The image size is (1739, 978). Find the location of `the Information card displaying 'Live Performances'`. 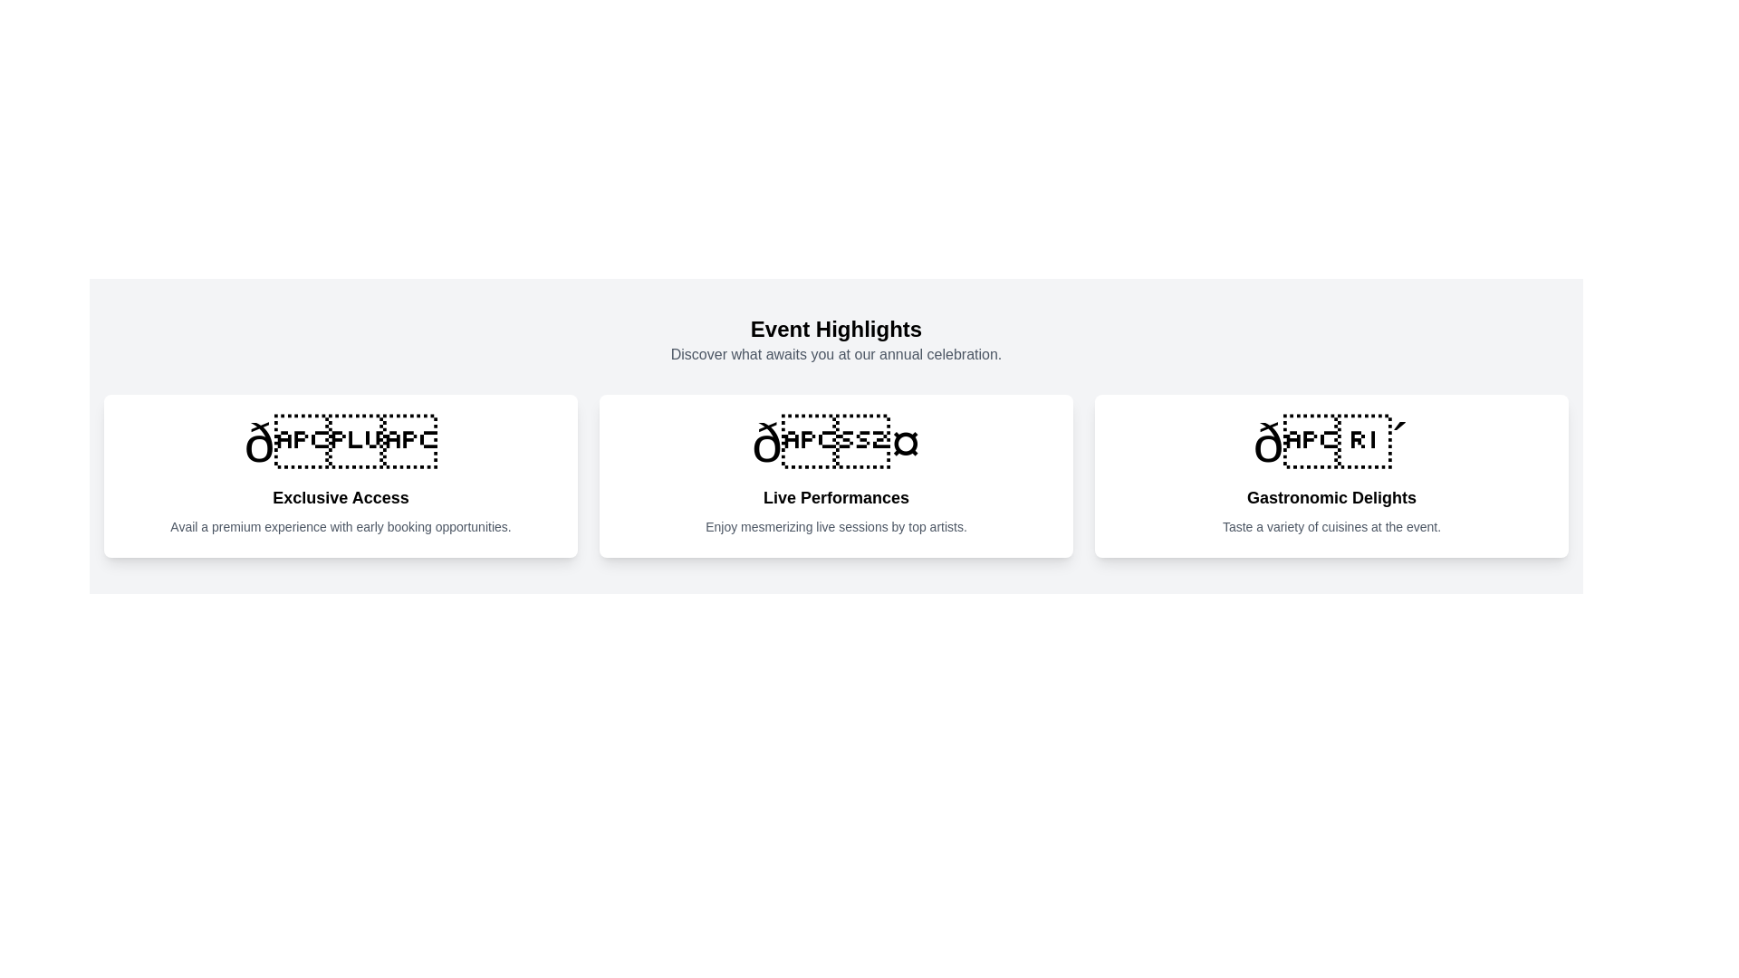

the Information card displaying 'Live Performances' is located at coordinates (835, 475).